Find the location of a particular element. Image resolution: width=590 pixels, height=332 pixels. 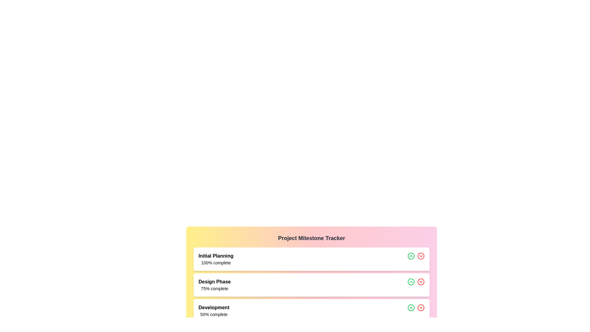

the static text label indicating the completion percentage for the 'Initial Planning' phase, located at the bottom of the 'Initial Planning' milestone card is located at coordinates (216, 263).